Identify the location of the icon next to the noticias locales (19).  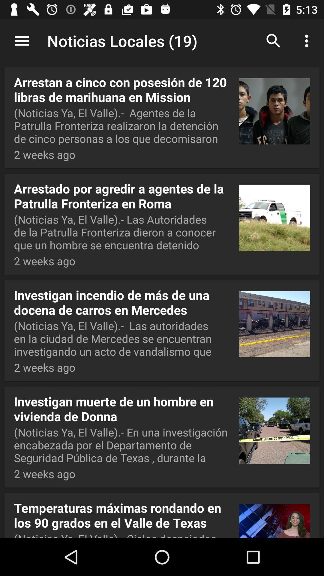
(22, 40).